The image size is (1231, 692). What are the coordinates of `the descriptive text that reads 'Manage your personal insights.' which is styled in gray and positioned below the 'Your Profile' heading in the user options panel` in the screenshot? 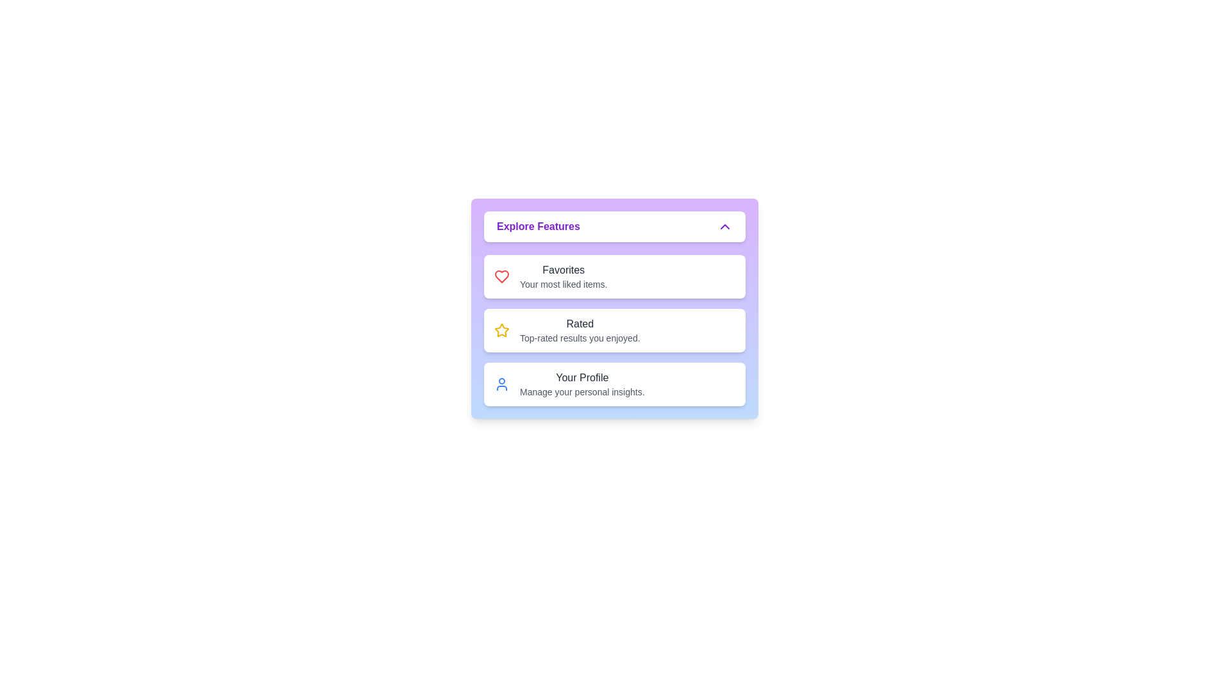 It's located at (582, 391).